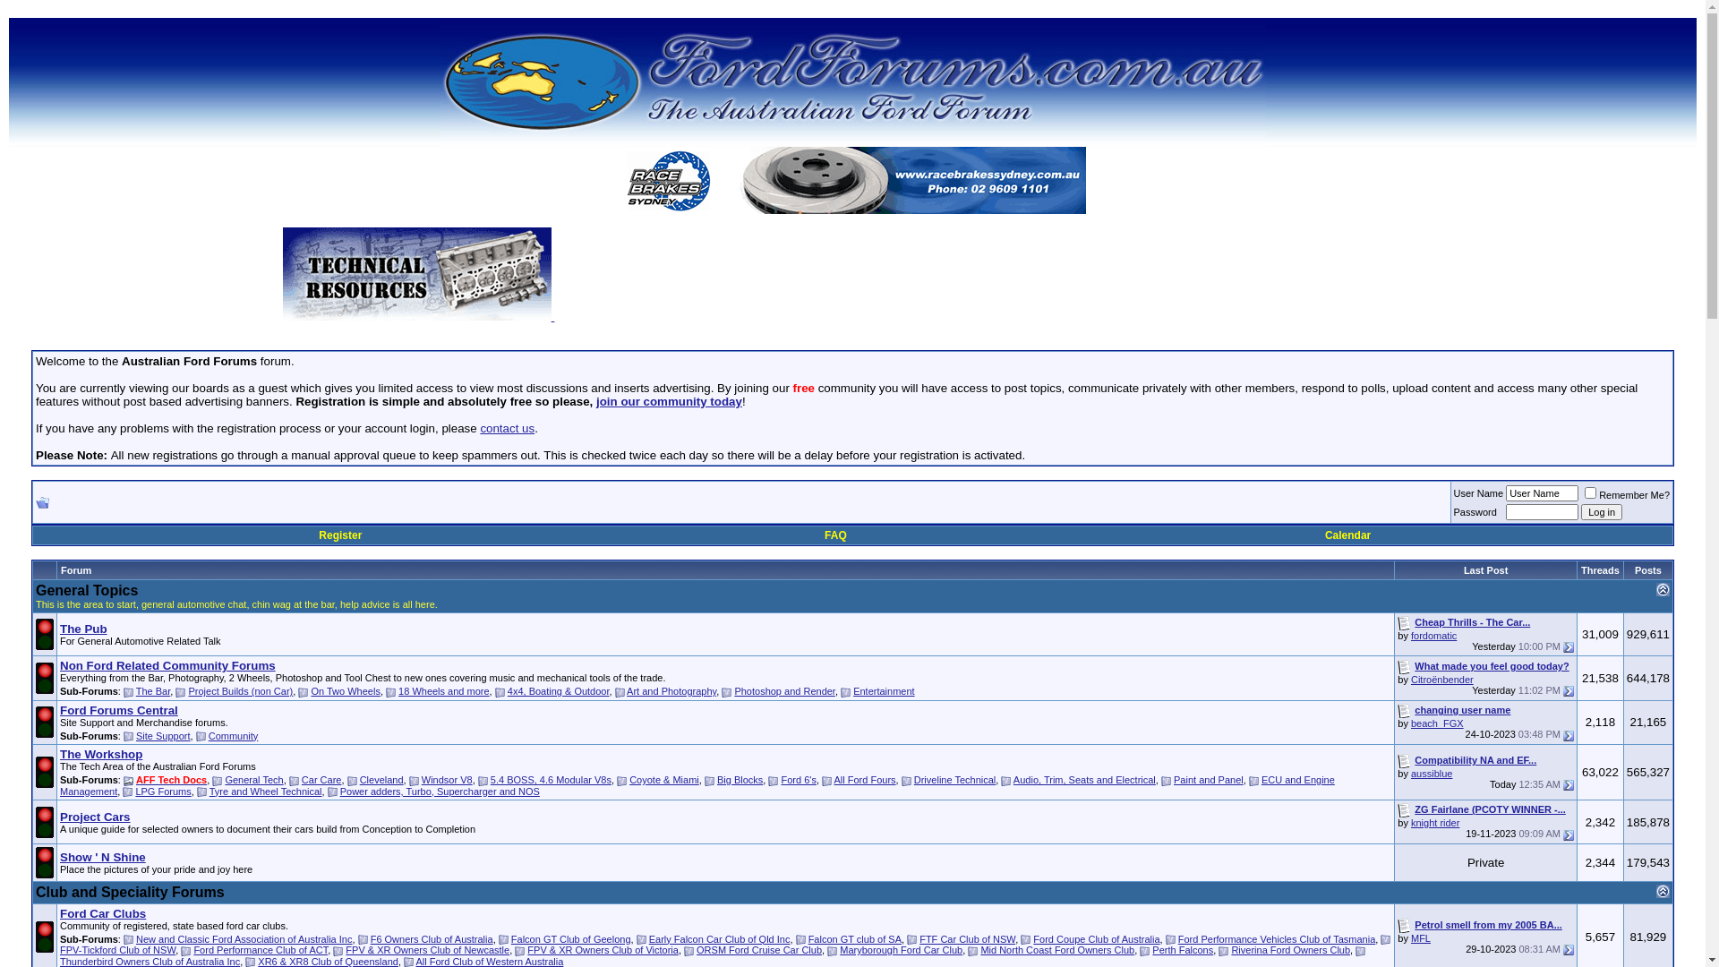 This screenshot has width=1719, height=967. Describe the element at coordinates (260, 948) in the screenshot. I see `'Ford Performance Club of ACT'` at that location.